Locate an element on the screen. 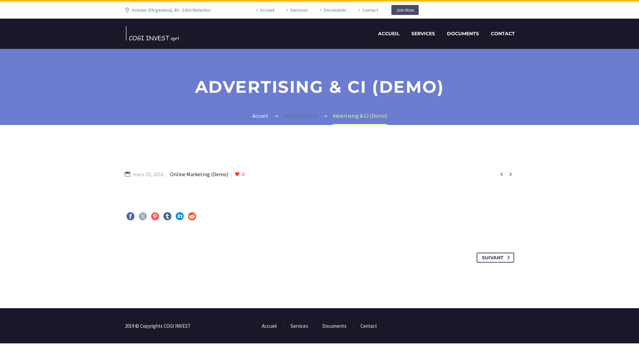 Image resolution: width=639 pixels, height=359 pixels. '0' is located at coordinates (240, 174).